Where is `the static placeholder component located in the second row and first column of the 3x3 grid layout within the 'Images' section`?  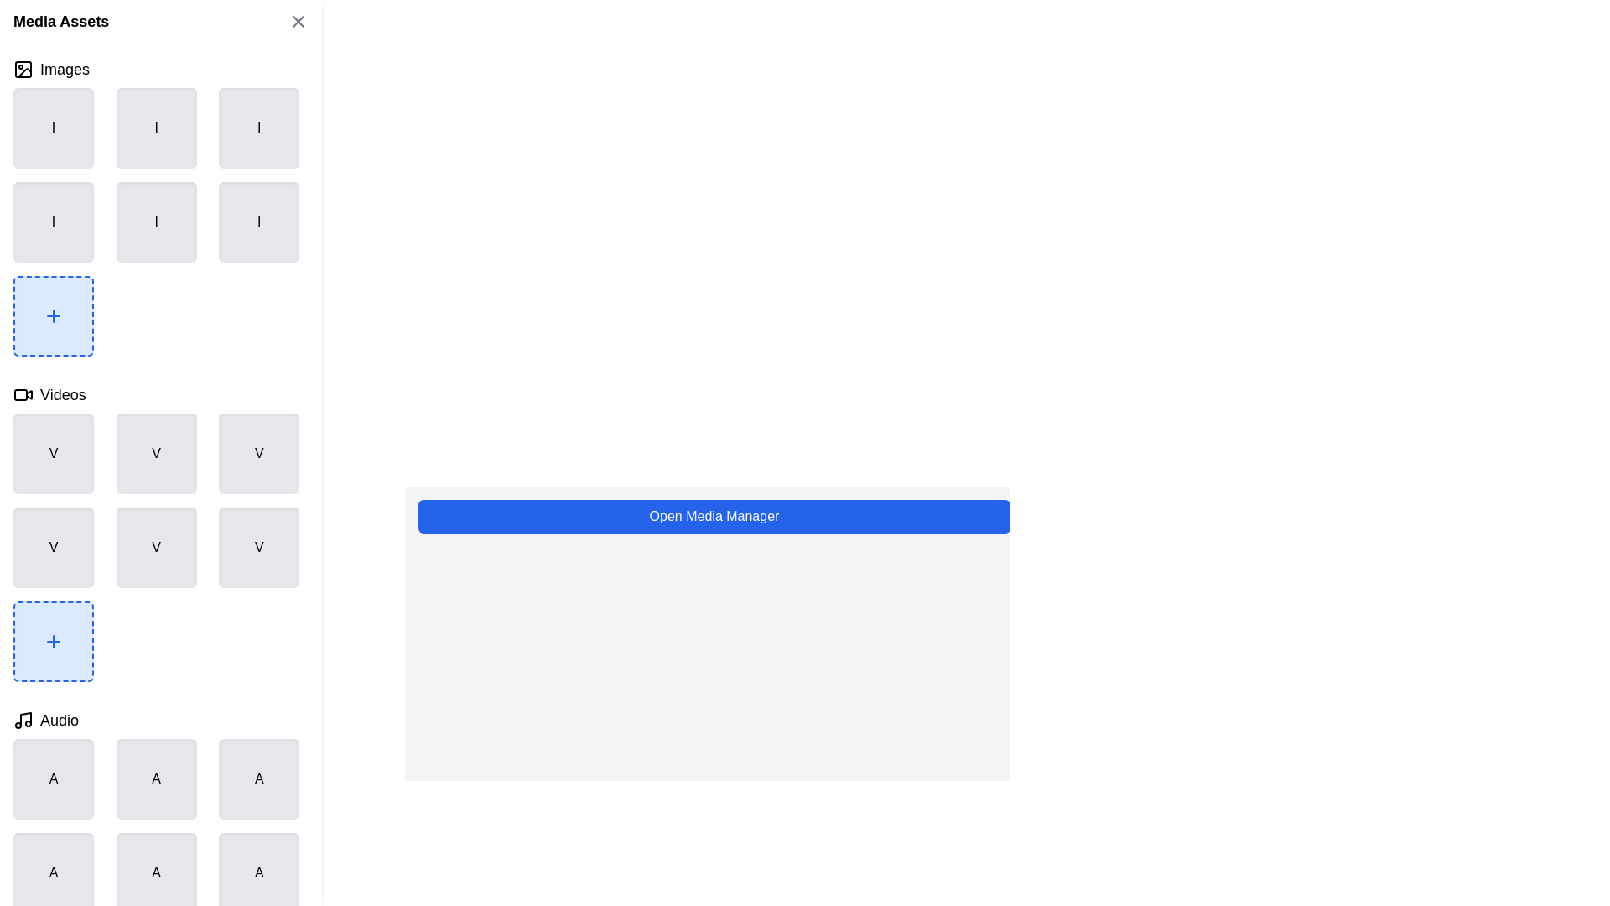 the static placeholder component located in the second row and first column of the 3x3 grid layout within the 'Images' section is located at coordinates (53, 221).